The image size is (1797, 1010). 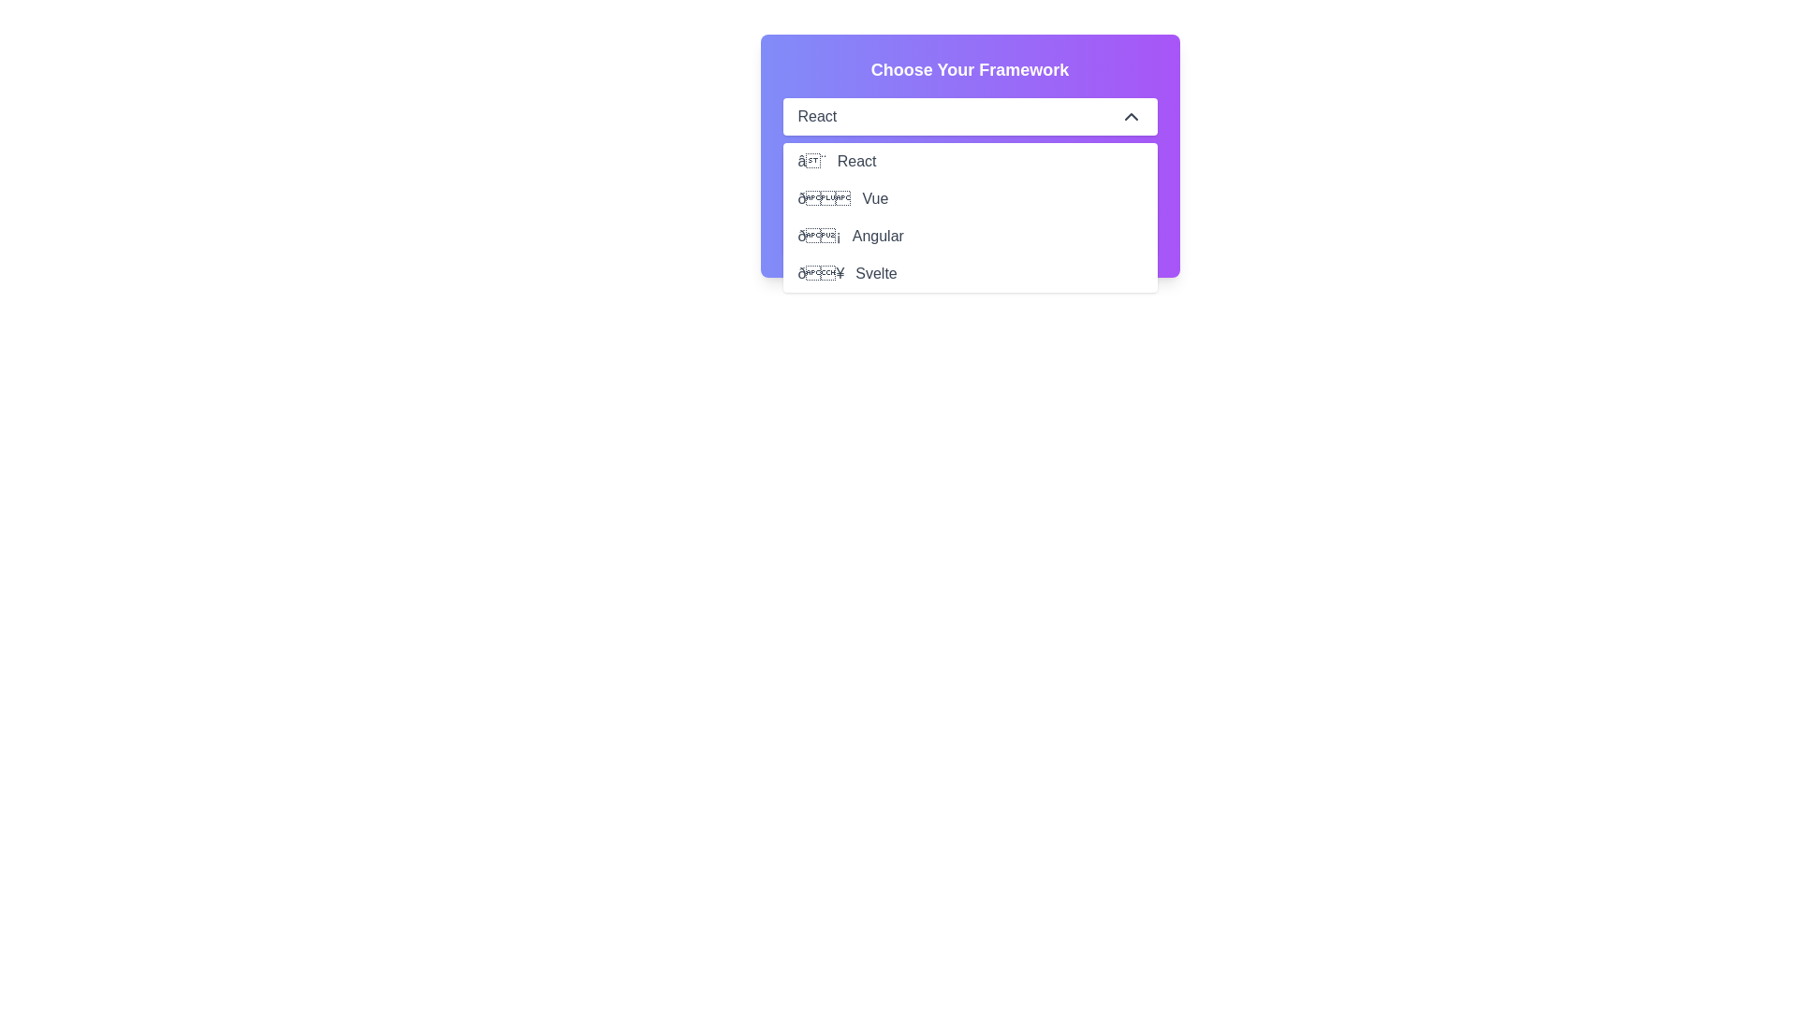 I want to click on the fourth dropdown menu item labeled 'Svelte' within the 'Choose Your Framework' dropdown, so click(x=970, y=274).